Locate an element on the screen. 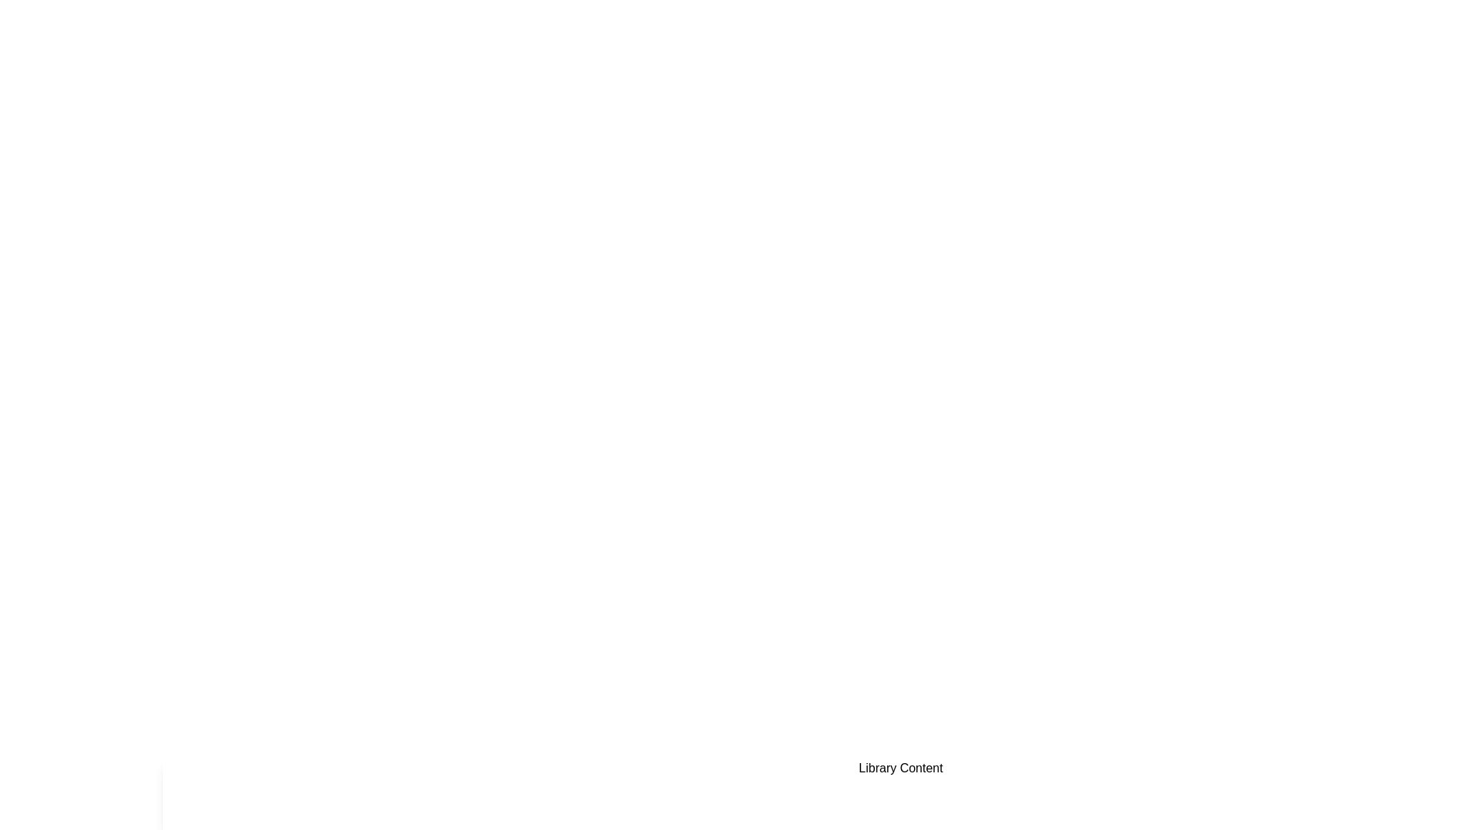 Image resolution: width=1476 pixels, height=830 pixels. the Library tab by clicking on its button is located at coordinates (308, 794).